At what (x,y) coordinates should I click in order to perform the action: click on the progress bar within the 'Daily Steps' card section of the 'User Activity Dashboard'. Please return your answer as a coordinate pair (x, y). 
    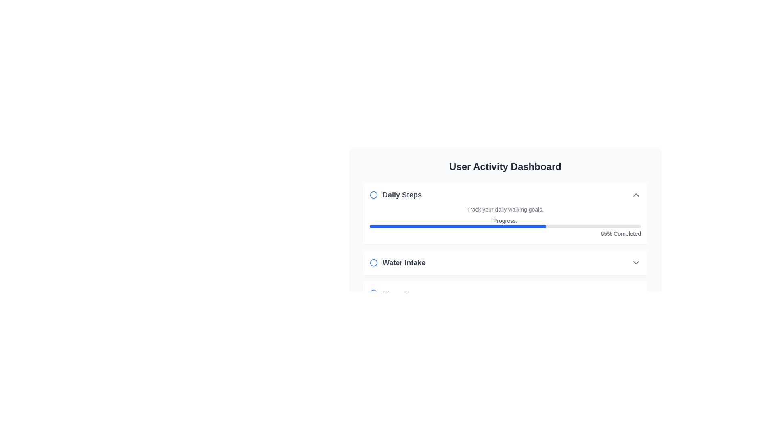
    Looking at the image, I should click on (505, 244).